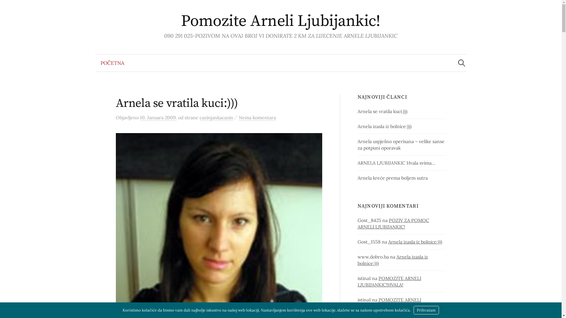  Describe the element at coordinates (257, 117) in the screenshot. I see `'Nema komentara` at that location.